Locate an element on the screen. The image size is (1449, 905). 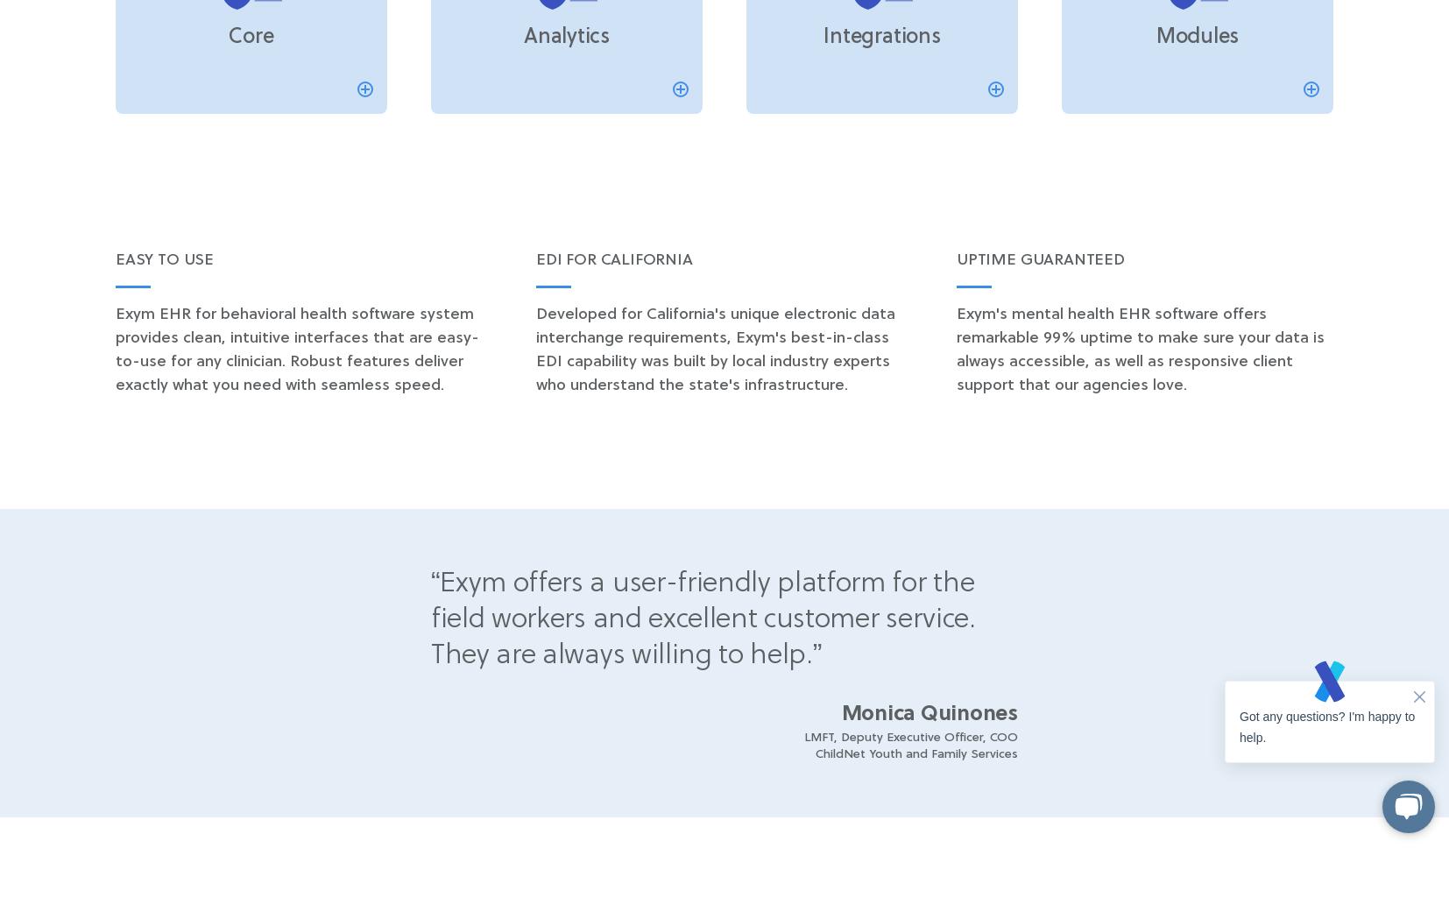
'Integrations' is located at coordinates (880, 37).